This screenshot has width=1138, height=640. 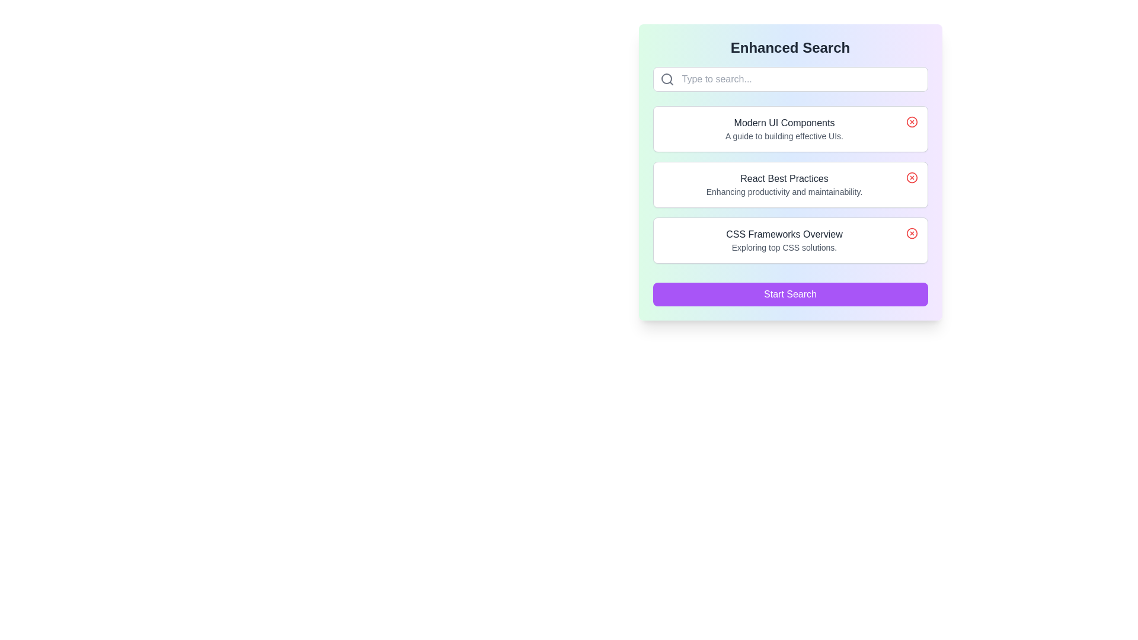 What do you see at coordinates (784, 235) in the screenshot?
I see `any interactive components located near the text label displaying 'CSS Frameworks Overview', which is positioned in the lower middle section of the interface` at bounding box center [784, 235].